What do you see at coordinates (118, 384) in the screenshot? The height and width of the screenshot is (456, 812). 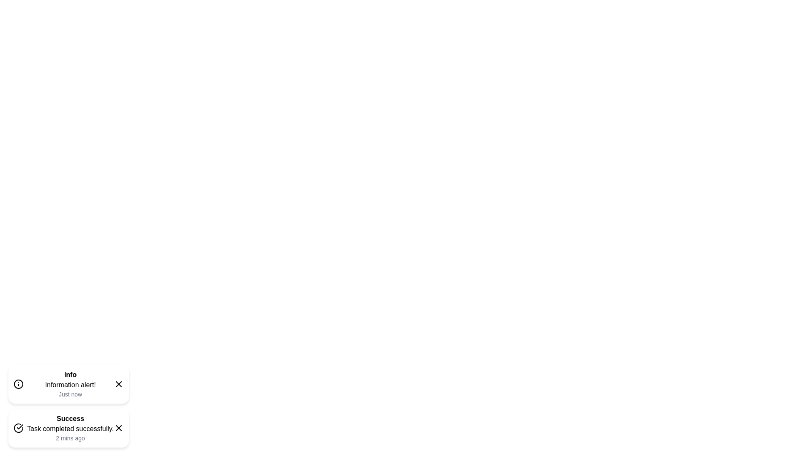 I see `the close icon of the snackbar with type info` at bounding box center [118, 384].